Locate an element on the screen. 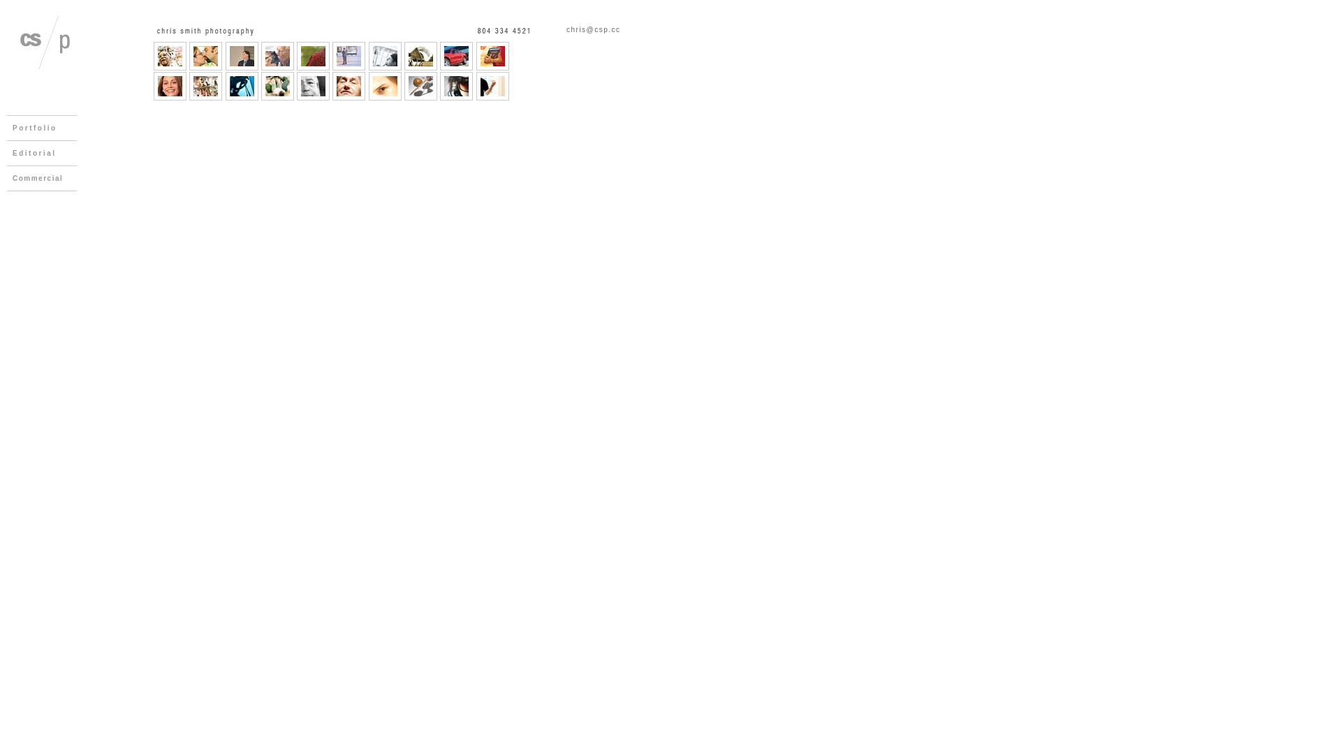 The width and height of the screenshot is (1341, 754). 'Portfolio' is located at coordinates (44, 128).